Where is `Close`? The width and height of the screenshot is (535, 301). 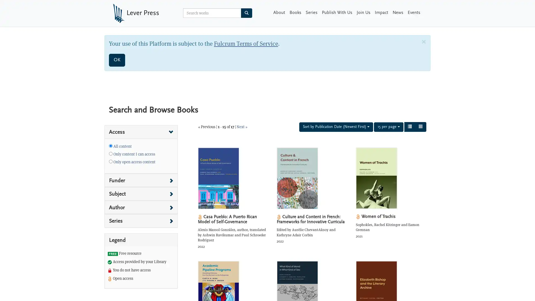
Close is located at coordinates (424, 42).